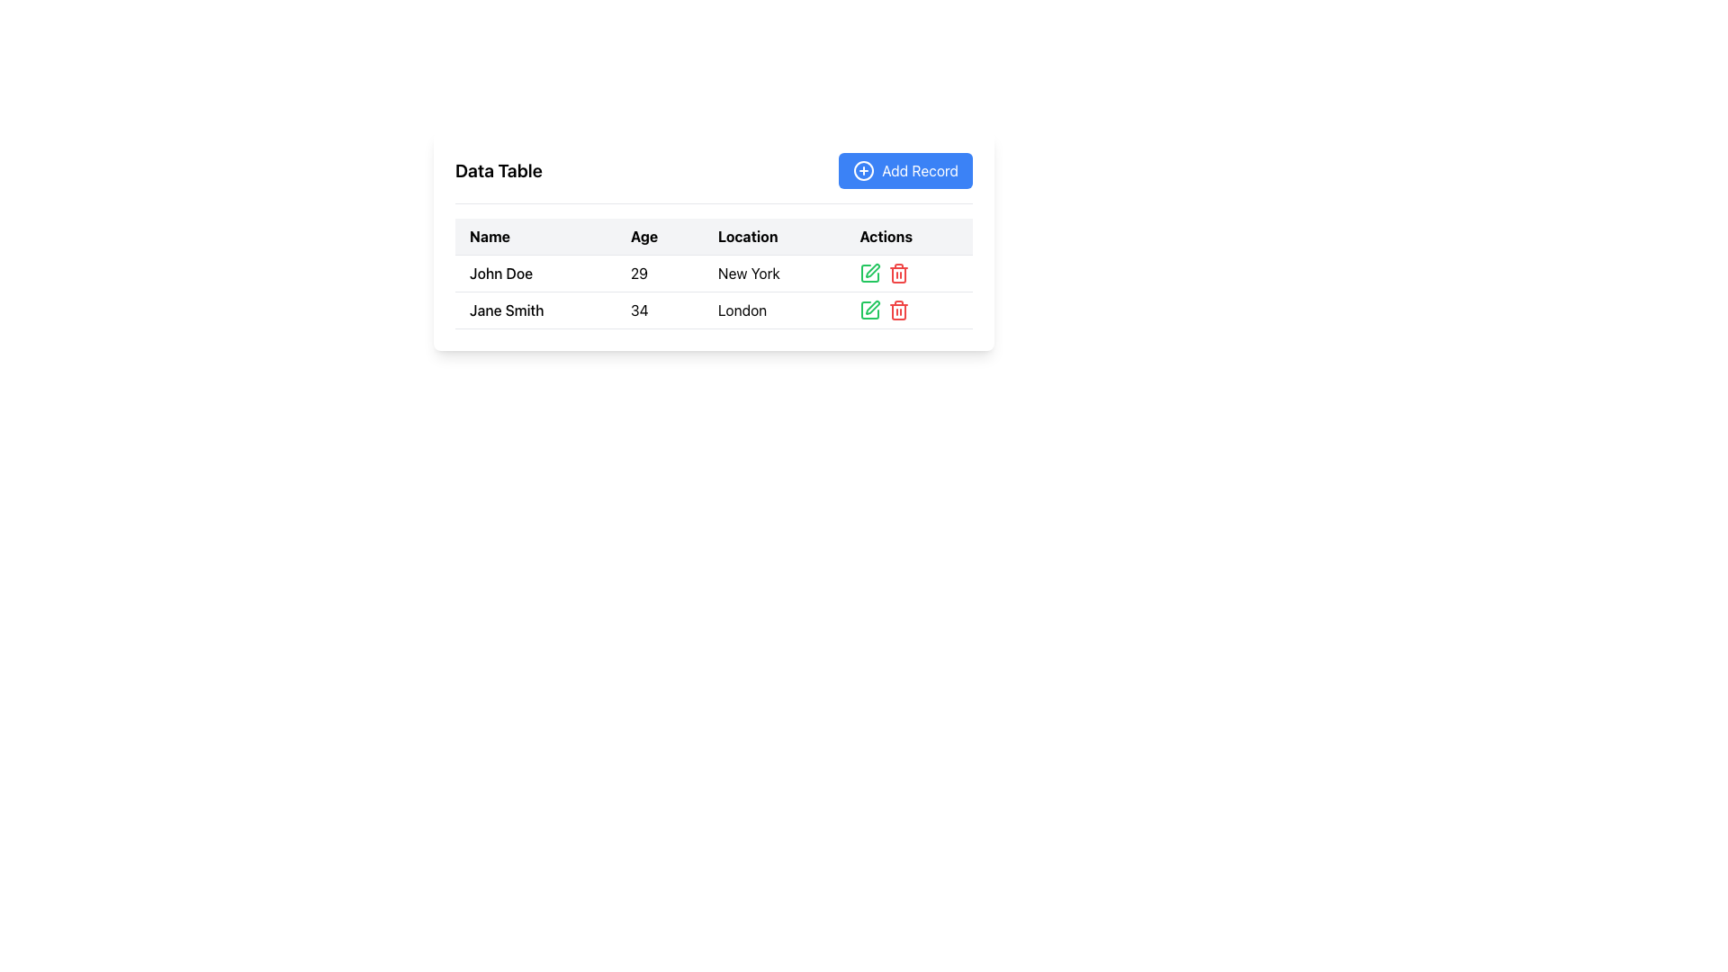 The image size is (1728, 972). Describe the element at coordinates (713, 236) in the screenshot. I see `column headers of the table header row displaying 'Name', 'Age', 'Location', and 'Actions'` at that location.